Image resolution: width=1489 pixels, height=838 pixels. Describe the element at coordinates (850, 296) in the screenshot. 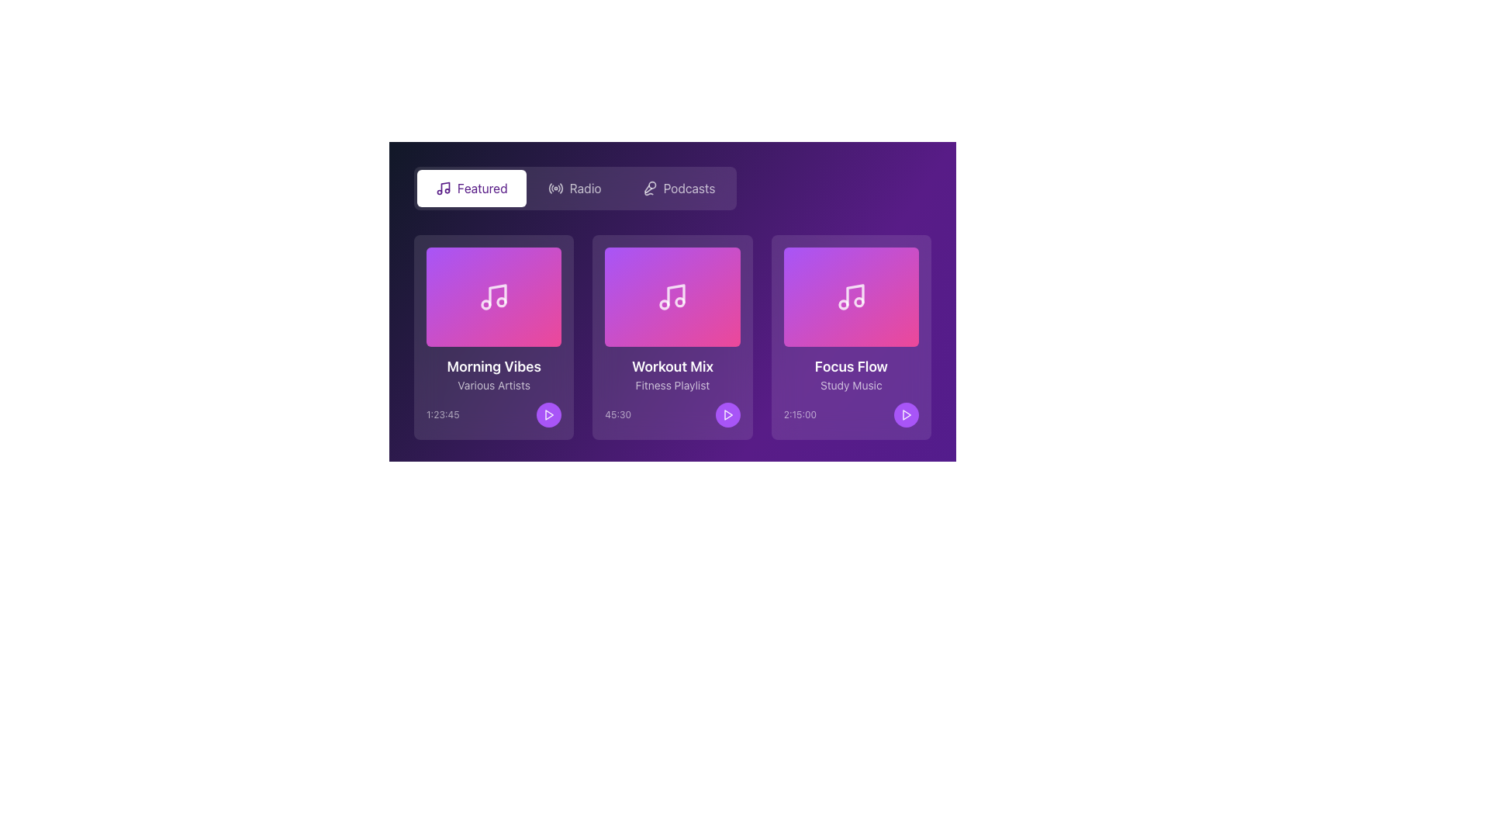

I see `the decorative background with the embedded musical notes icon within the 'Focus Flow' card, which emphasizes its content and theme` at that location.